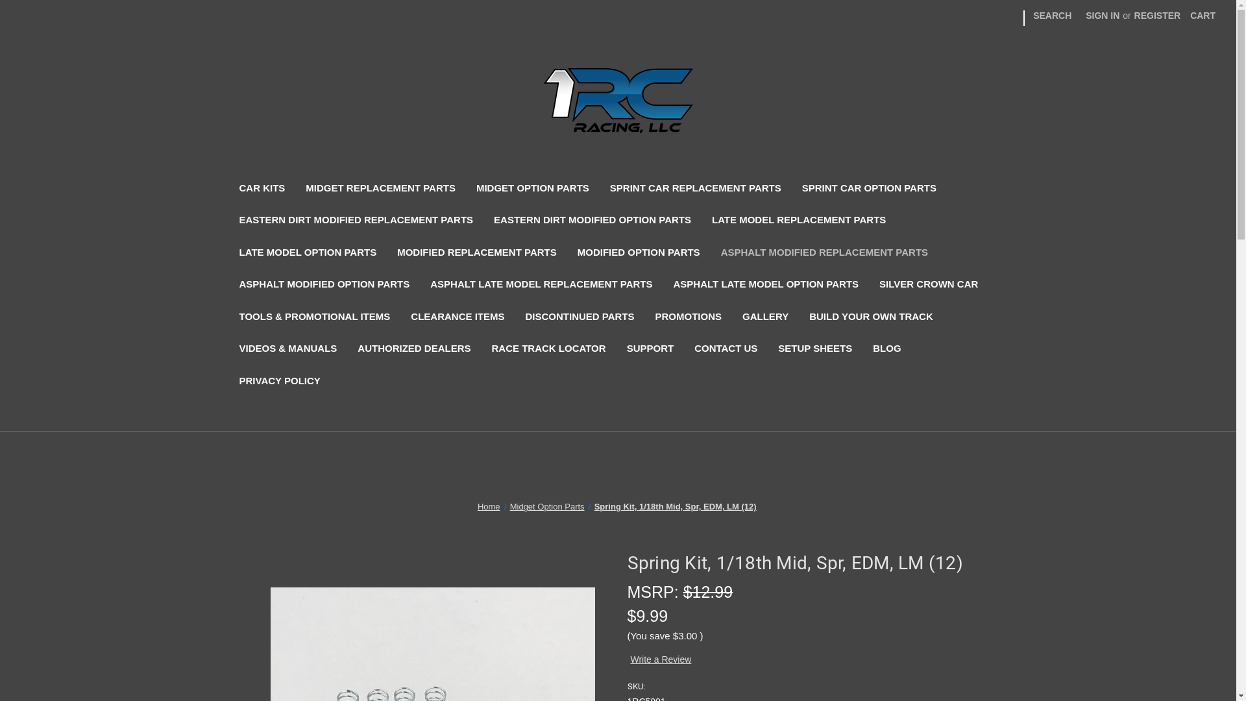 The width and height of the screenshot is (1246, 701). Describe the element at coordinates (476, 254) in the screenshot. I see `'MODIFIED REPLACEMENT PARTS'` at that location.